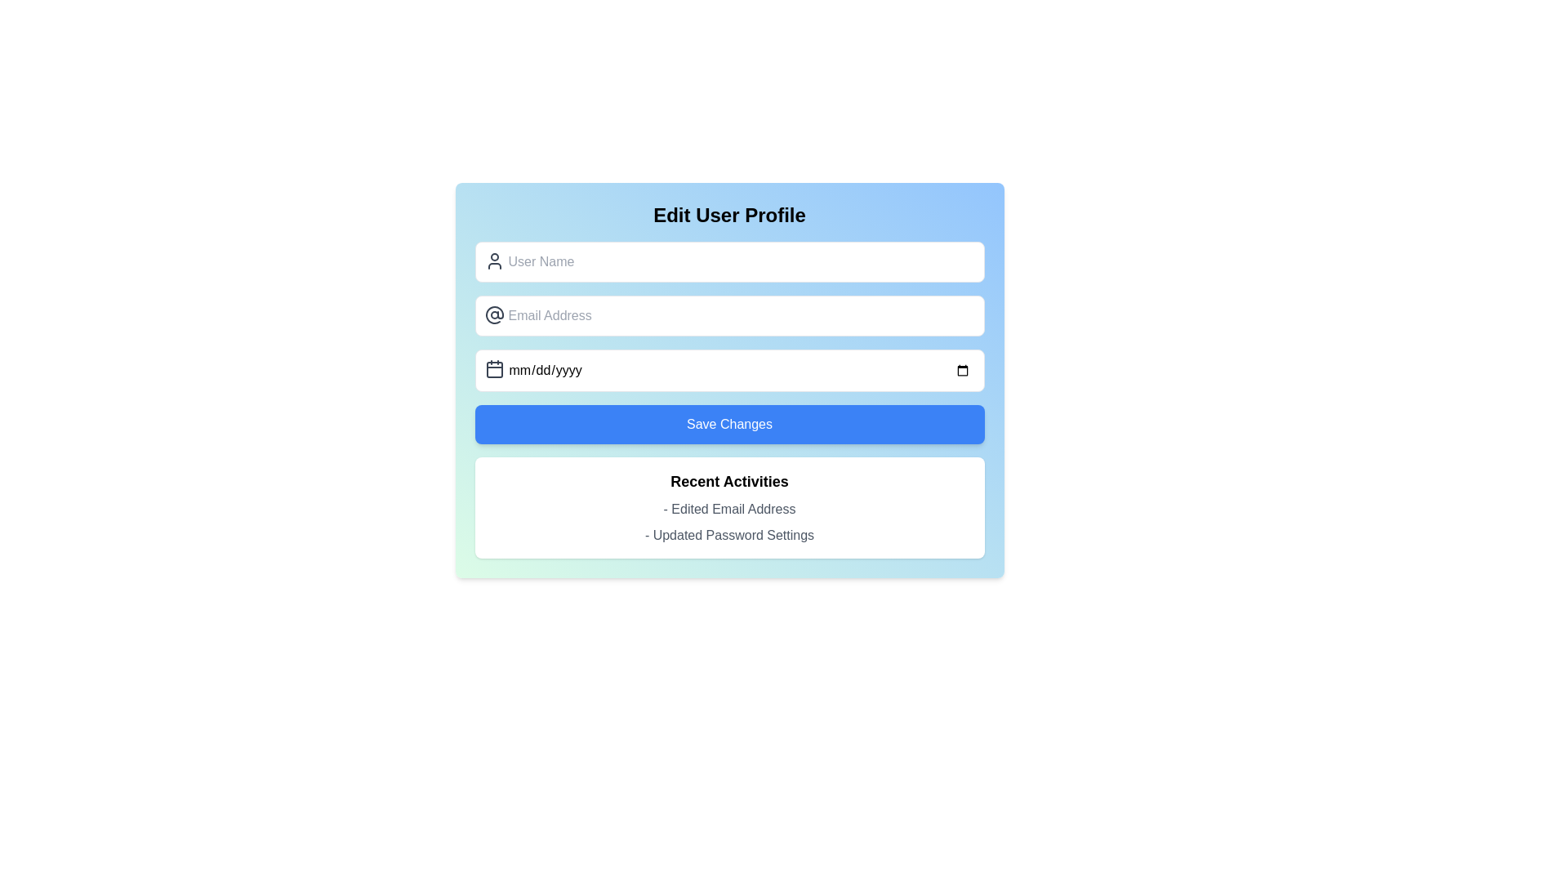 Image resolution: width=1568 pixels, height=882 pixels. I want to click on the text label heading 'Recent Activities', which is bold and slightly larger, positioned at the top of its section above the items '- Edited Email Address' and '- Updated Password Settings', so click(728, 481).